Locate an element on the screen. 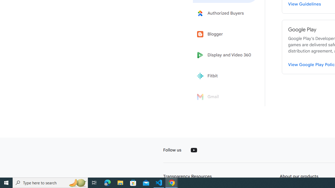  'YouTube' is located at coordinates (193, 150).